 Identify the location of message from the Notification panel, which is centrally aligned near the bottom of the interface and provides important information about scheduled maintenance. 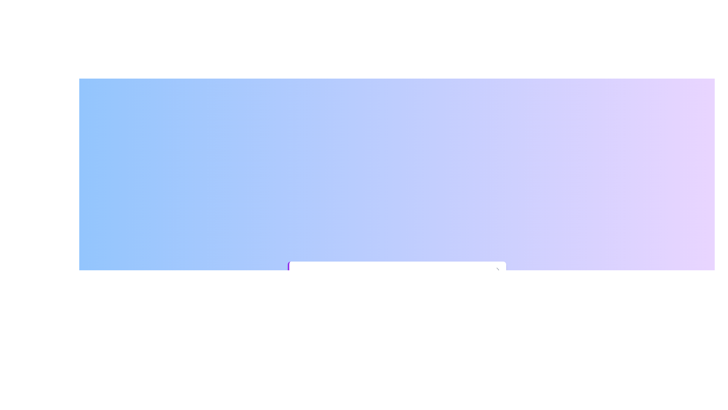
(397, 284).